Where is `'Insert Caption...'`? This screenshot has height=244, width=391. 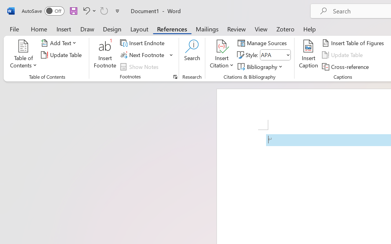 'Insert Caption...' is located at coordinates (308, 55).